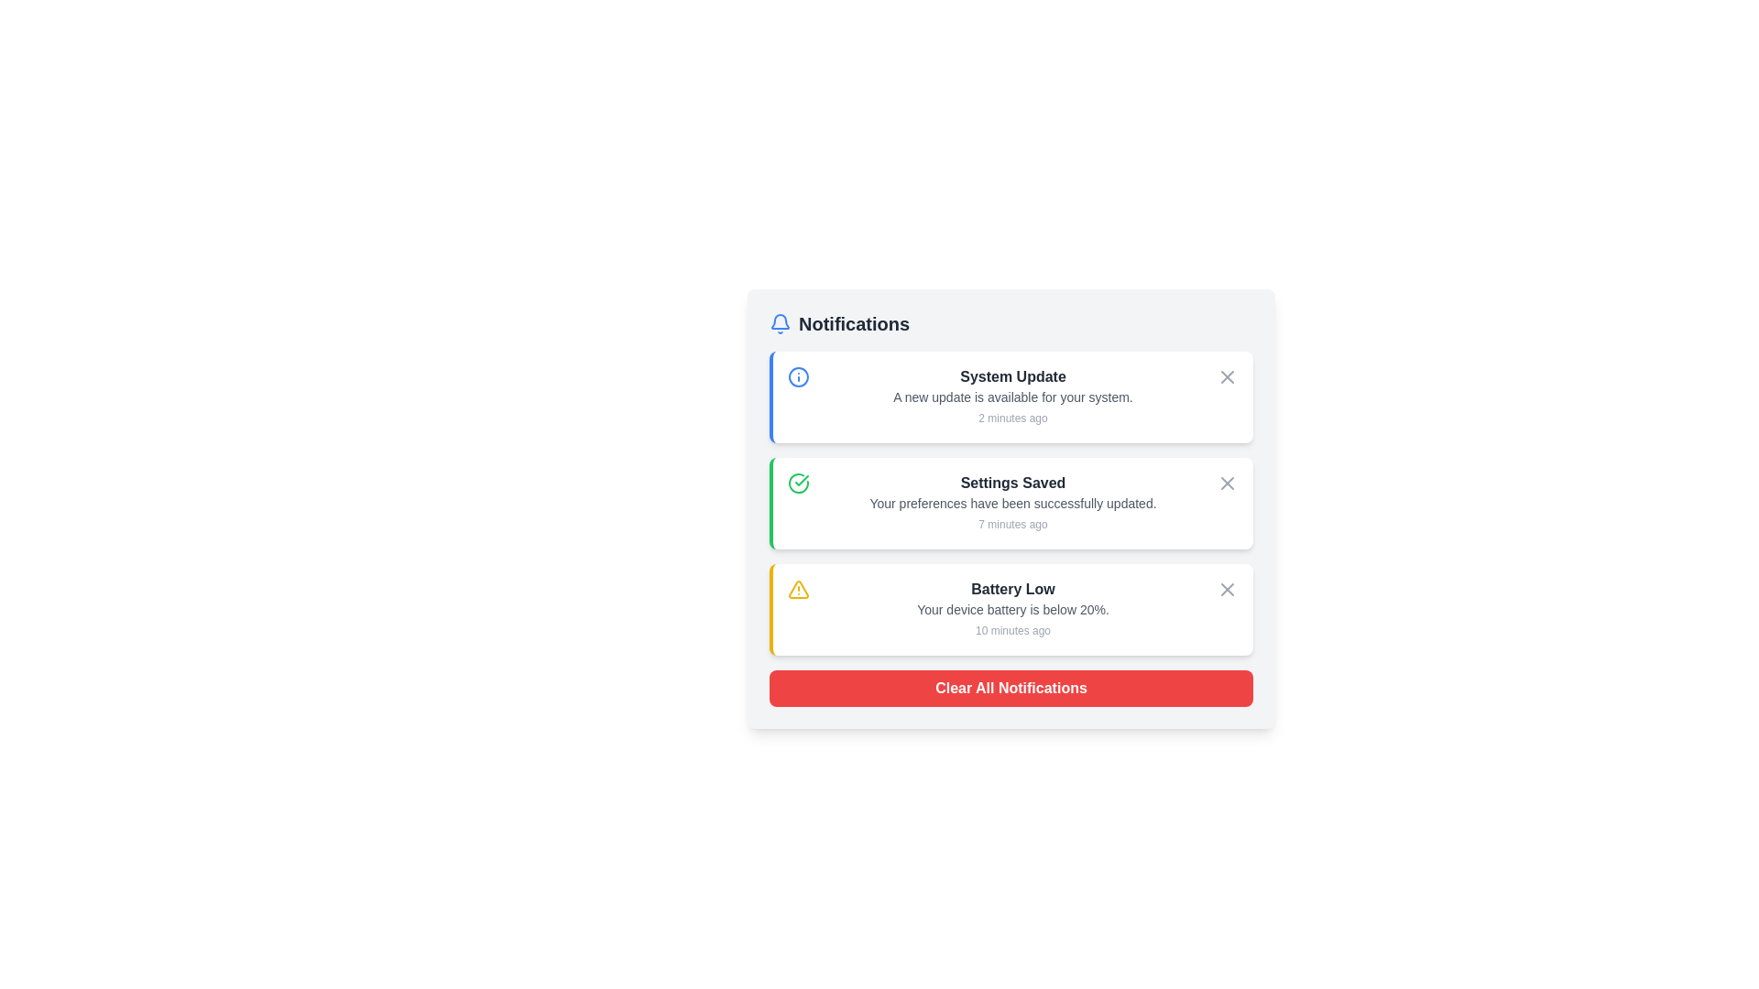 The height and width of the screenshot is (989, 1759). What do you see at coordinates (1011, 630) in the screenshot?
I see `the text content of the Text Label that informs the user about the time elapsed since the notification was generated, located within the 'Battery Low' notification card` at bounding box center [1011, 630].